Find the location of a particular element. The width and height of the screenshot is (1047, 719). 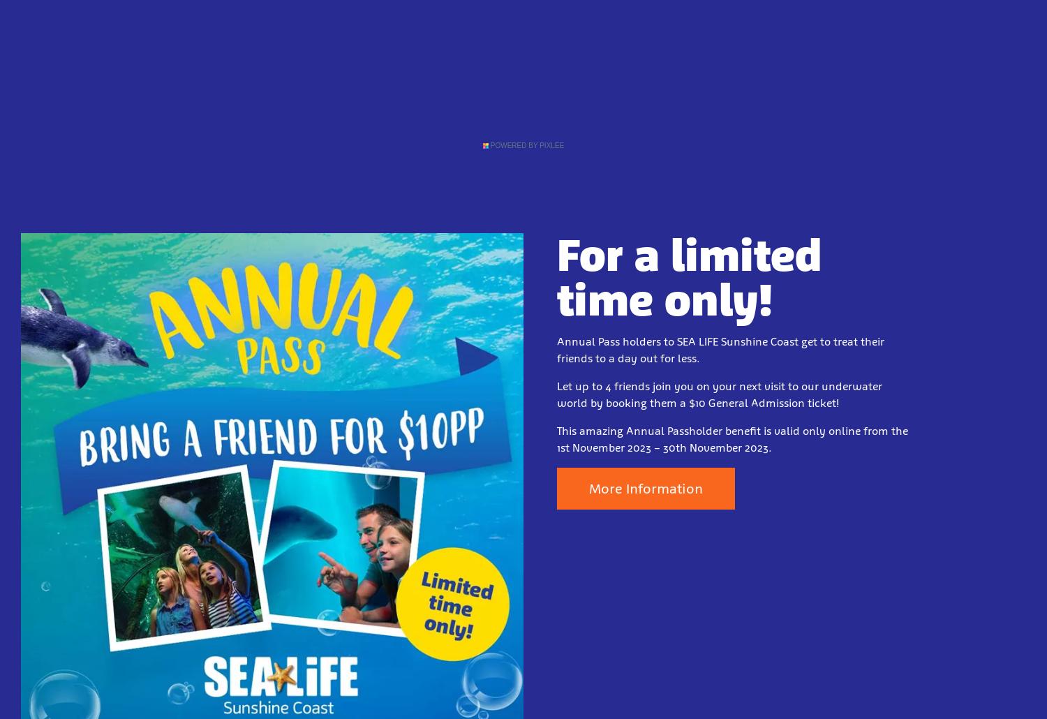

'Contact Us' is located at coordinates (603, 101).